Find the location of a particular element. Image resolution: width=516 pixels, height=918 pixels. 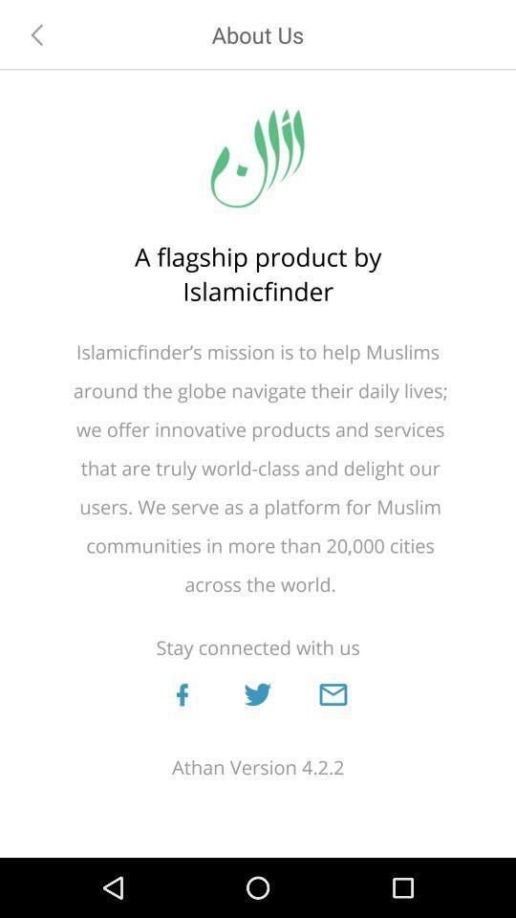

the facebook icon is located at coordinates (182, 693).